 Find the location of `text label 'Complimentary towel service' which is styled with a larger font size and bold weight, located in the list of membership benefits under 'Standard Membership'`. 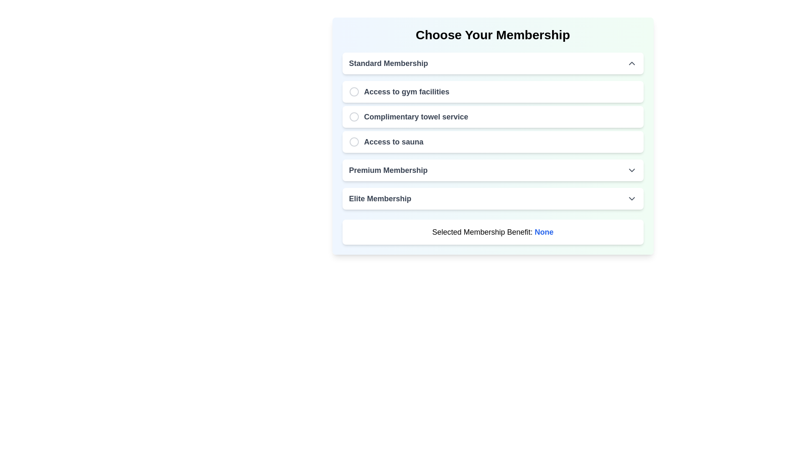

text label 'Complimentary towel service' which is styled with a larger font size and bold weight, located in the list of membership benefits under 'Standard Membership' is located at coordinates (416, 117).